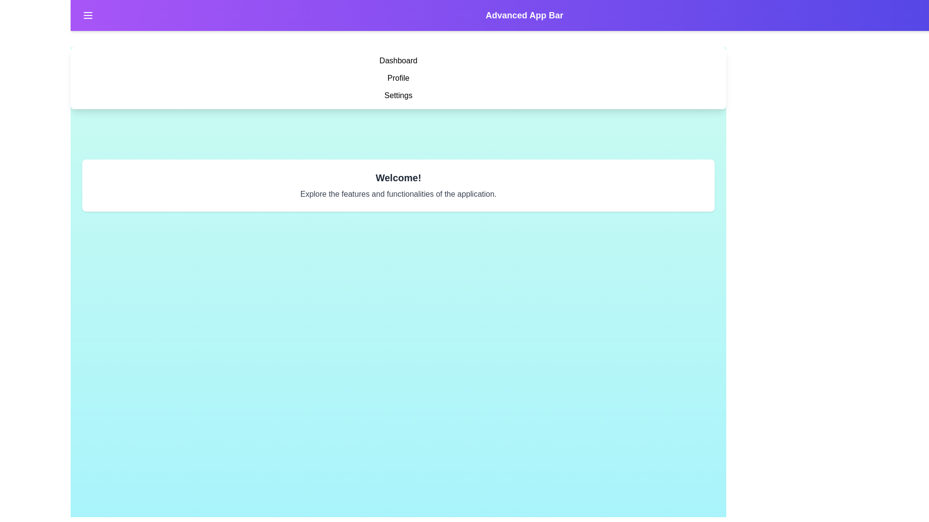 The height and width of the screenshot is (522, 929). Describe the element at coordinates (398, 177) in the screenshot. I see `the 'Welcome!' section to focus on it` at that location.